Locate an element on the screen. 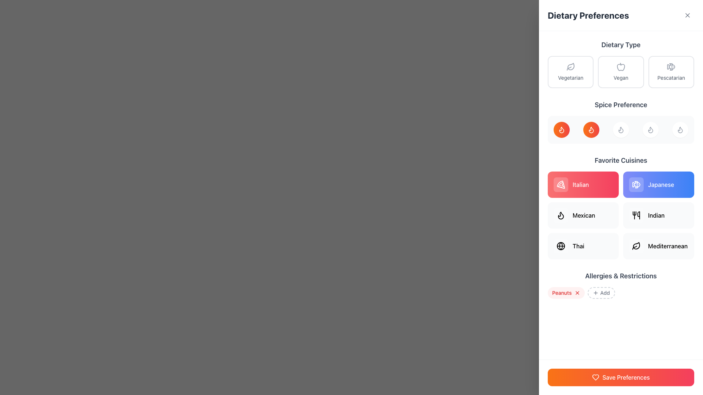 The width and height of the screenshot is (703, 395). the first red-orange flame-shaped icon in the 'Spice Preference' section is located at coordinates (561, 129).